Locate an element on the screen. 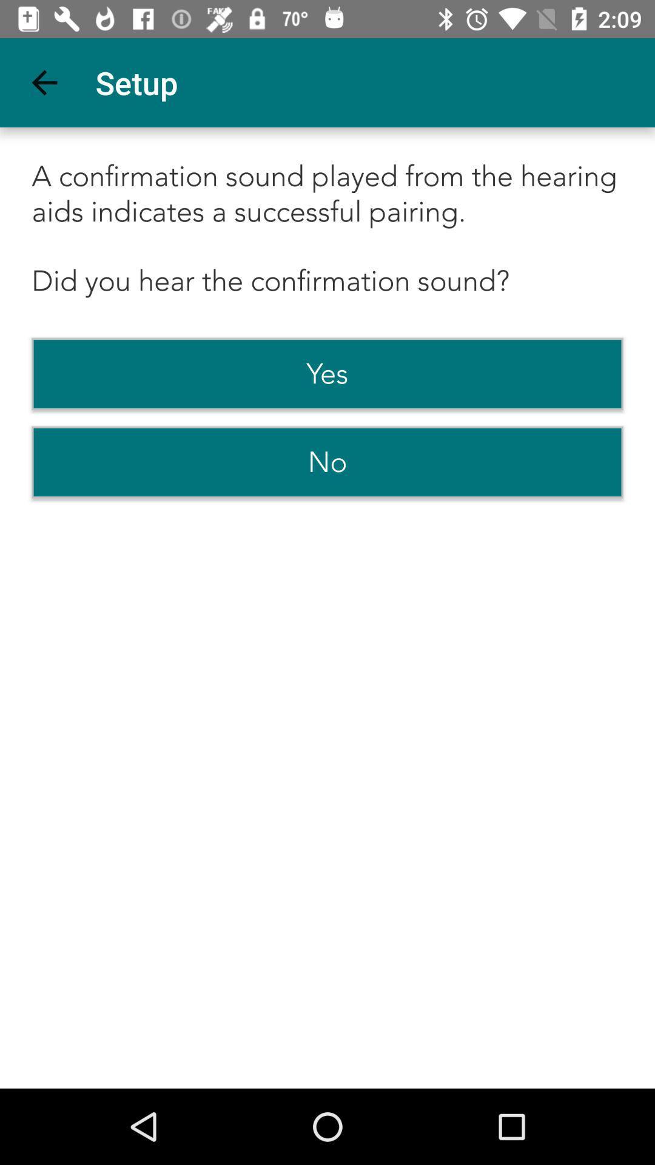  item above the no item is located at coordinates (327, 373).